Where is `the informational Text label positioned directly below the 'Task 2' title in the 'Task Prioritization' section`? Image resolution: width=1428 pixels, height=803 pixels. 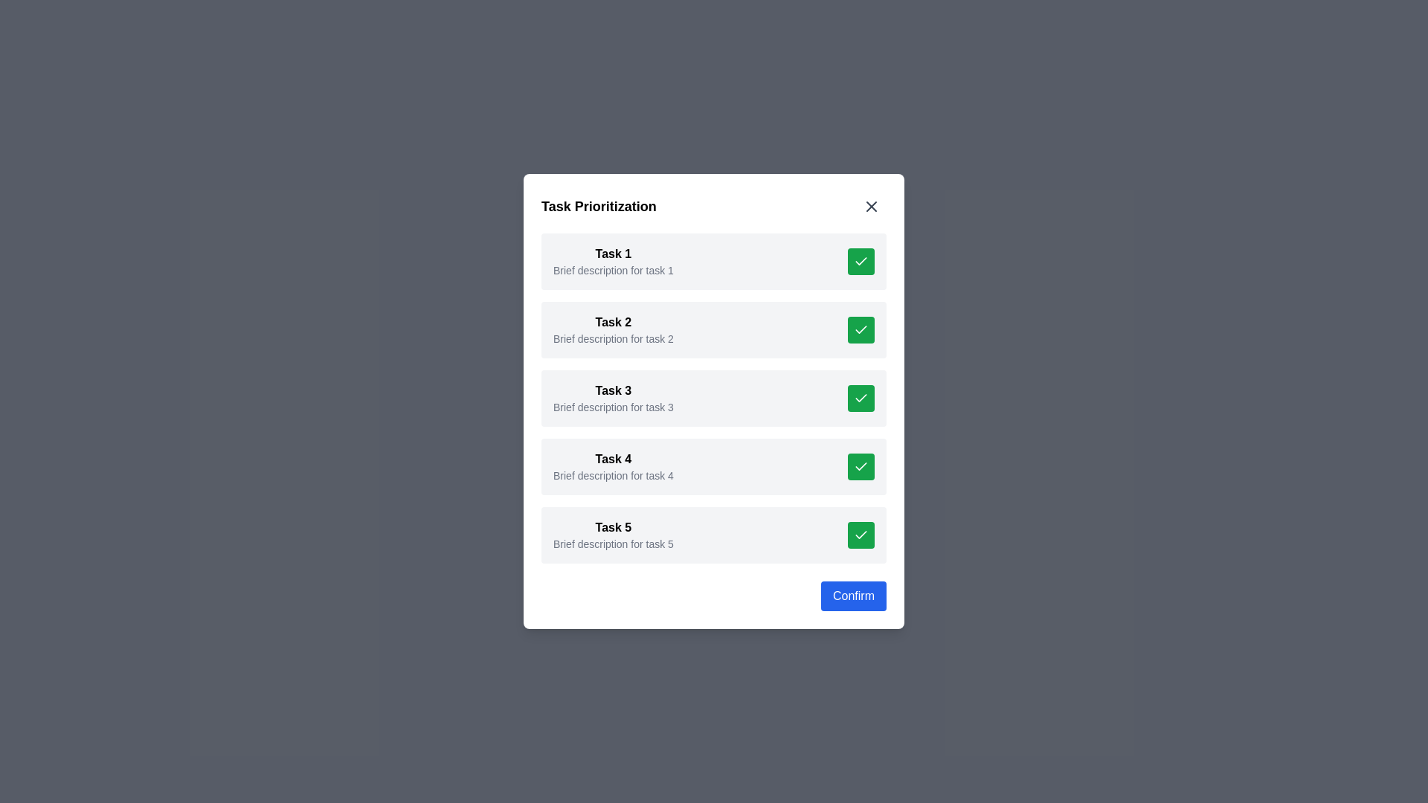
the informational Text label positioned directly below the 'Task 2' title in the 'Task Prioritization' section is located at coordinates (614, 338).